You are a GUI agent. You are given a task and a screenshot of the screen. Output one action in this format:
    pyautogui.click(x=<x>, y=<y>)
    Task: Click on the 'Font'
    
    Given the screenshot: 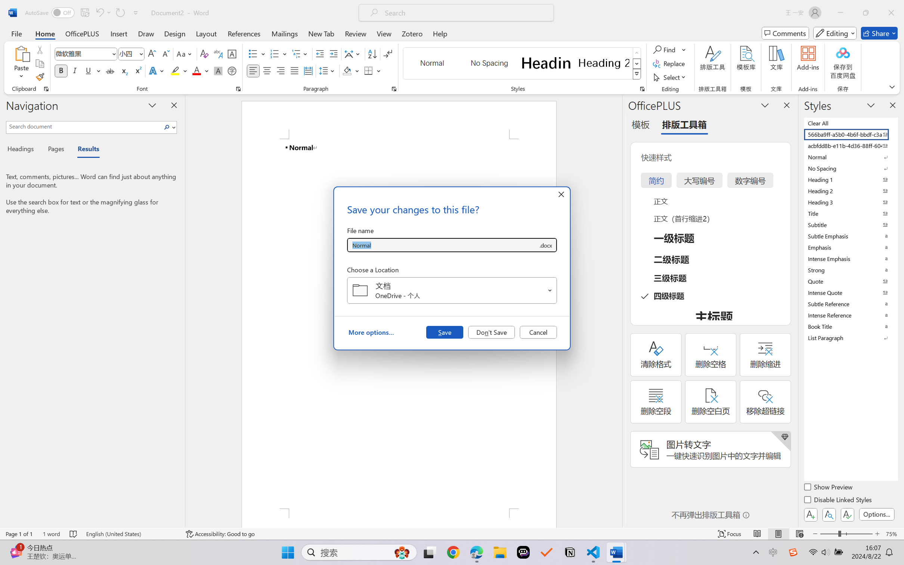 What is the action you would take?
    pyautogui.click(x=82, y=54)
    